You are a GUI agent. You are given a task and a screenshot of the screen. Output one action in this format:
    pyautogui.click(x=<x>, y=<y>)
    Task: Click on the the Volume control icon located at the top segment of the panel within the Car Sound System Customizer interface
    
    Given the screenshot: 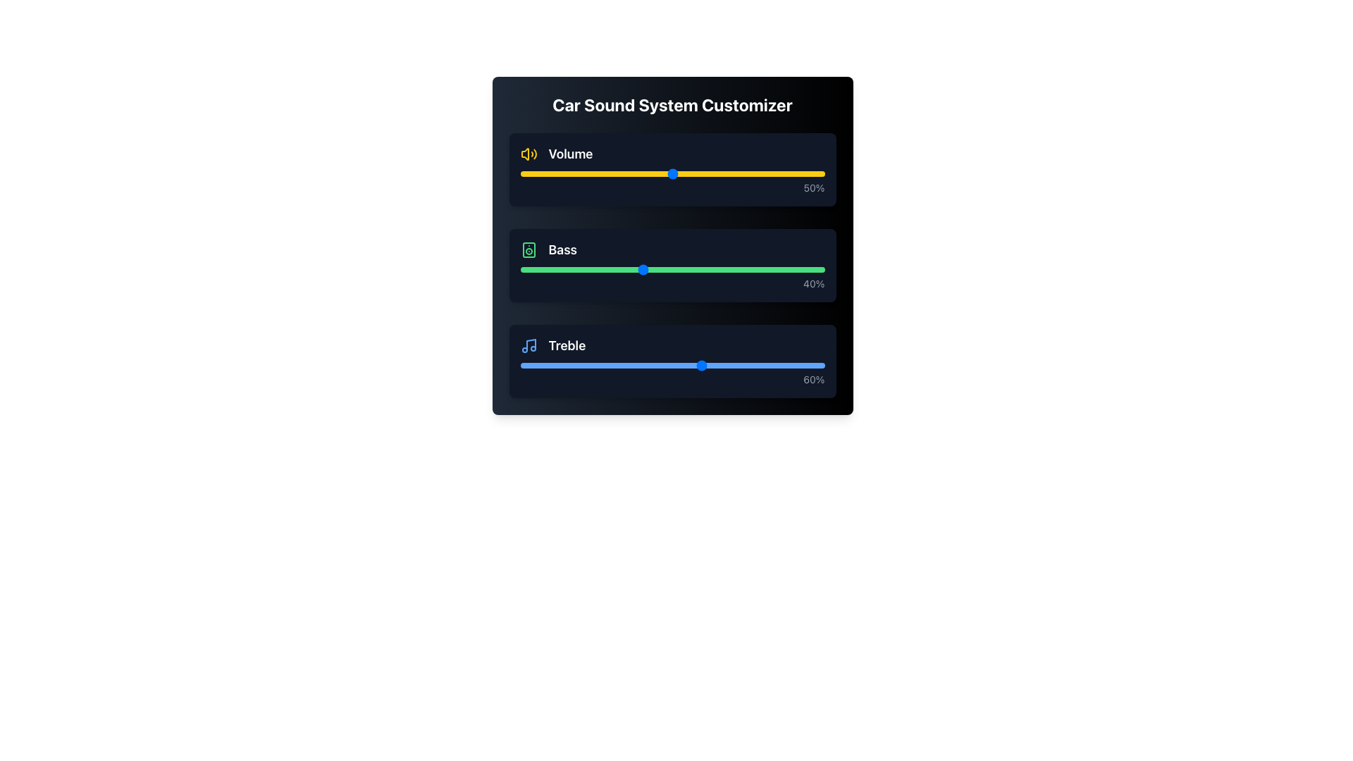 What is the action you would take?
    pyautogui.click(x=524, y=154)
    